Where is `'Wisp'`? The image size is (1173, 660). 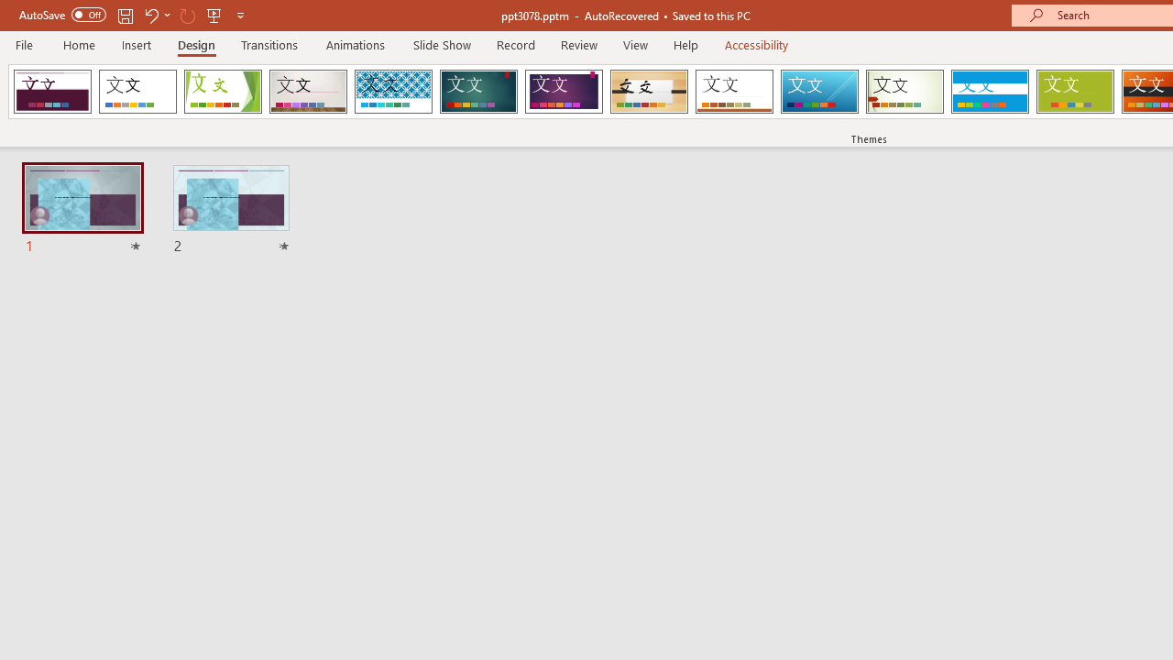 'Wisp' is located at coordinates (904, 92).